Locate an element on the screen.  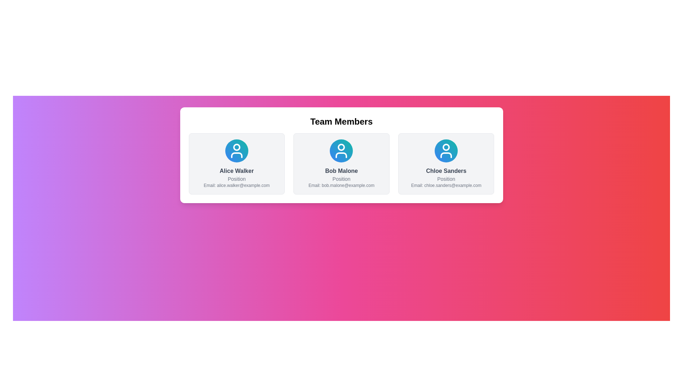
the avatar icon representing the team member profile located in the middle column of the grid, directly above the text 'Bob Malone' is located at coordinates (341, 151).